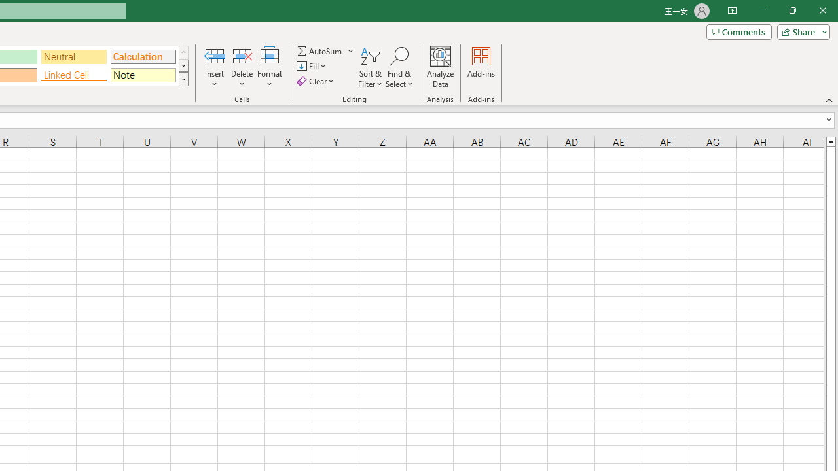 The image size is (838, 471). Describe the element at coordinates (183, 78) in the screenshot. I see `'Cell Styles'` at that location.